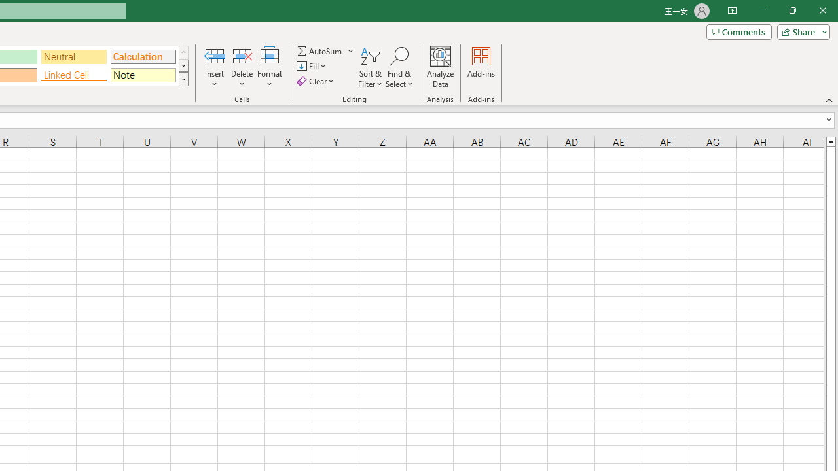 The image size is (838, 471). Describe the element at coordinates (183, 78) in the screenshot. I see `'Cell Styles'` at that location.